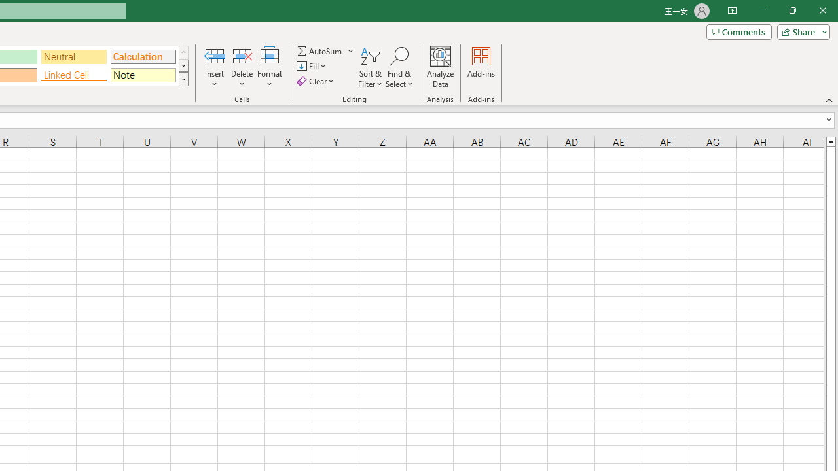 The image size is (838, 471). Describe the element at coordinates (183, 78) in the screenshot. I see `'Cell Styles'` at that location.